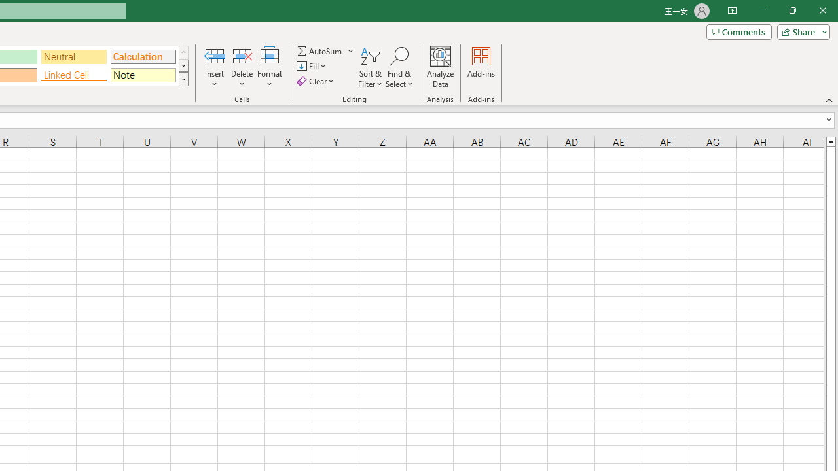 The image size is (838, 471). Describe the element at coordinates (183, 78) in the screenshot. I see `'Cell Styles'` at that location.